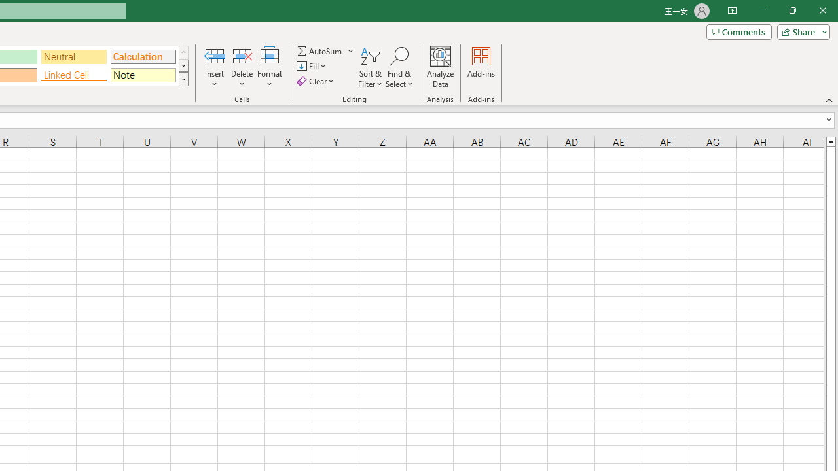 The image size is (838, 471). Describe the element at coordinates (183, 78) in the screenshot. I see `'Cell Styles'` at that location.